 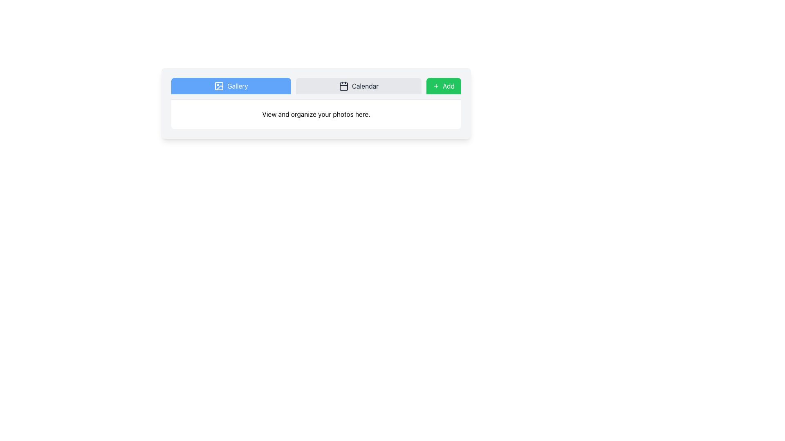 I want to click on the 'Add' icon, which is a visual indicator for the 'Add' action, located at the rightmost side of a horizontal toolbar, adjacent to the text label 'Add', so click(x=435, y=86).